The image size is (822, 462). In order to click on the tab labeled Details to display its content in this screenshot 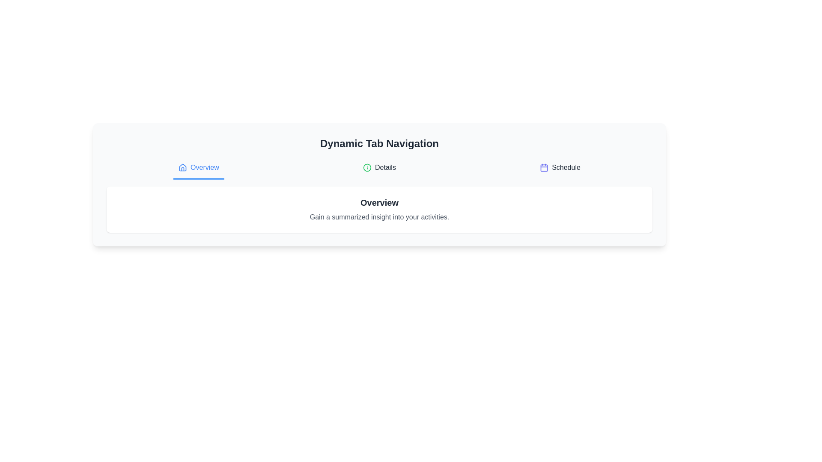, I will do `click(379, 168)`.